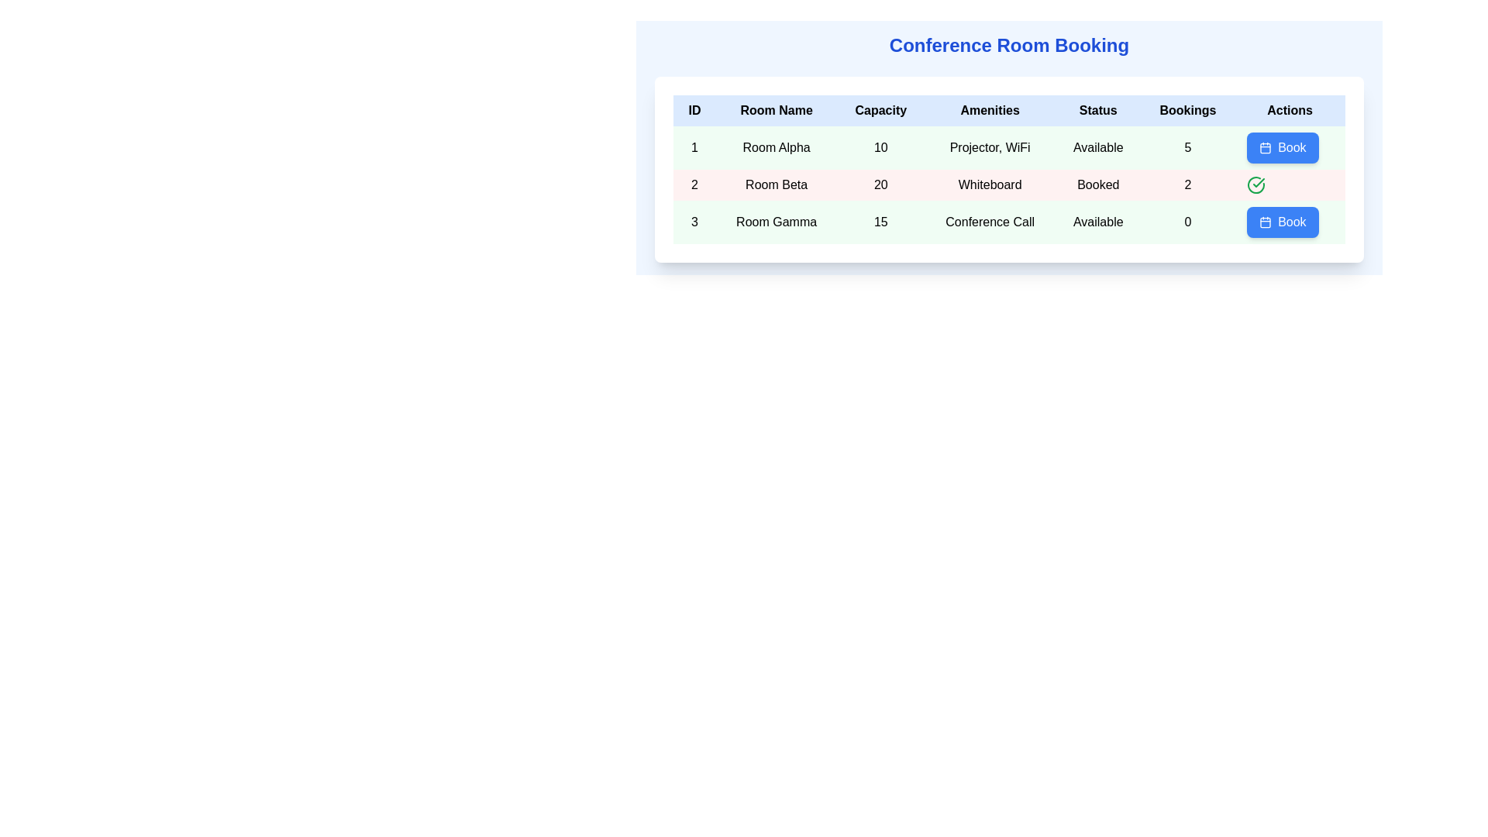 This screenshot has height=837, width=1488. What do you see at coordinates (1009, 184) in the screenshot?
I see `the interactive element within the second row of the table that provides information about 'Room Beta'` at bounding box center [1009, 184].